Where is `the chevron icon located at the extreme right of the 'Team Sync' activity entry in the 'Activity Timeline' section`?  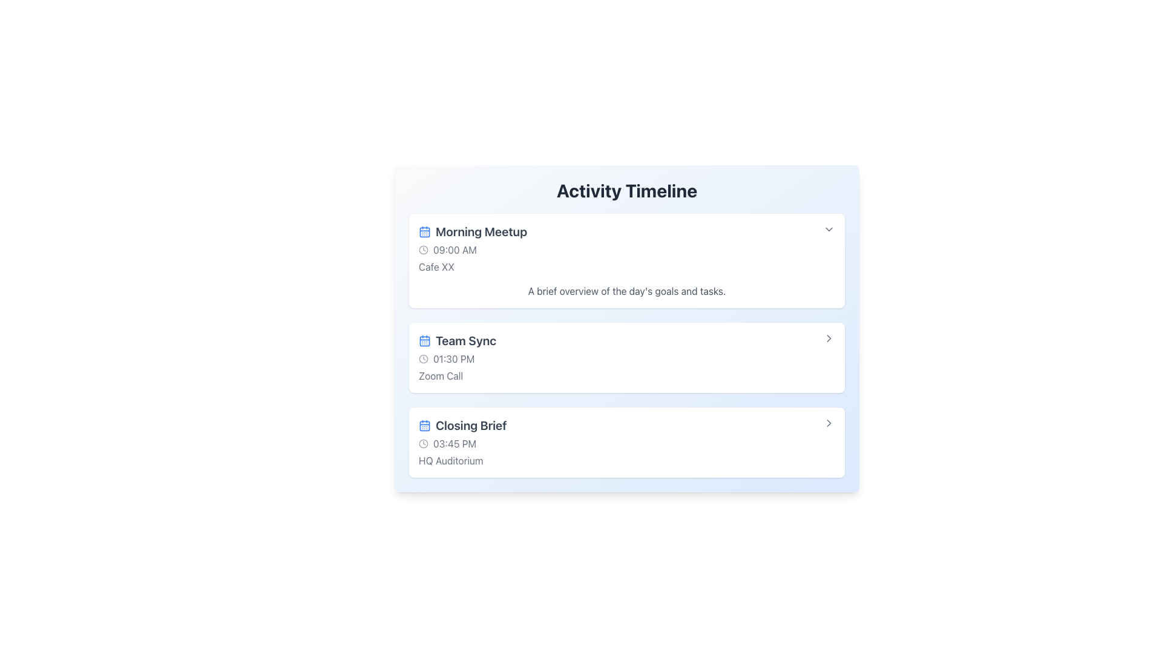 the chevron icon located at the extreme right of the 'Team Sync' activity entry in the 'Activity Timeline' section is located at coordinates (828, 339).